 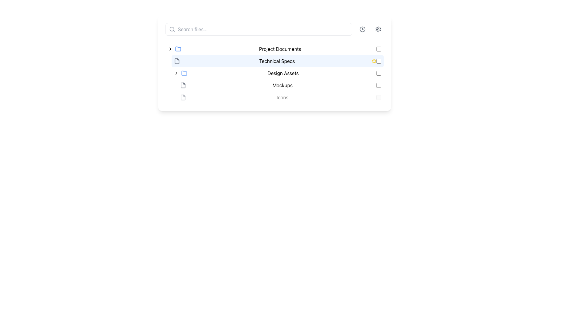 I want to click on the text 'Mockups' in the file list, so click(x=274, y=85).